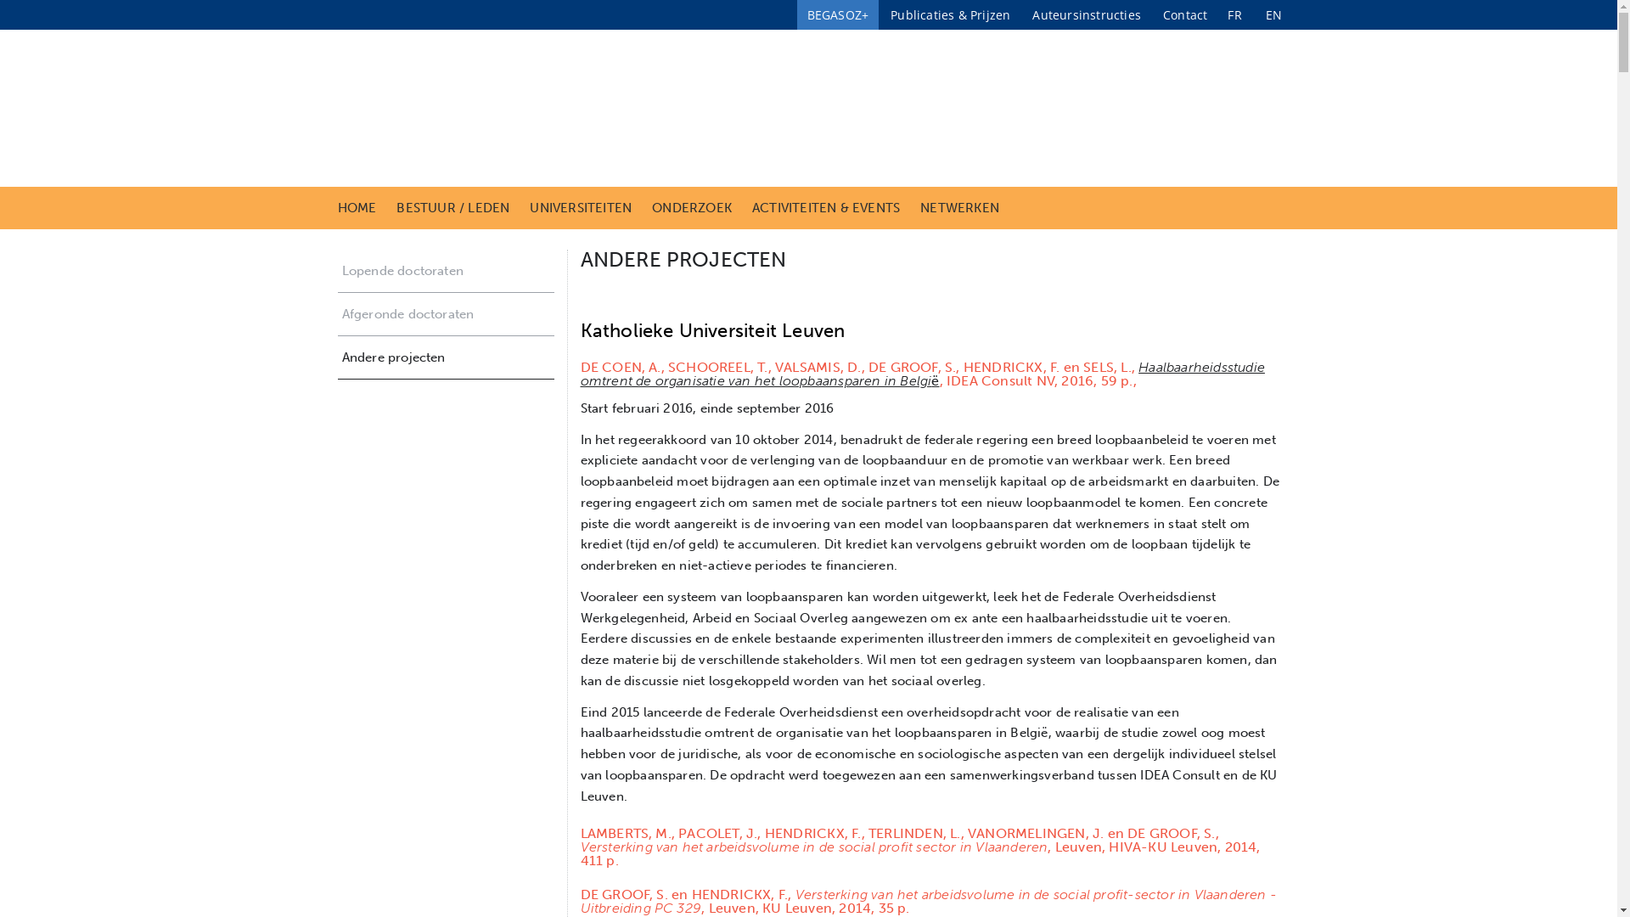 Image resolution: width=1630 pixels, height=917 pixels. What do you see at coordinates (880, 14) in the screenshot?
I see `'Publicaties & Prijzen'` at bounding box center [880, 14].